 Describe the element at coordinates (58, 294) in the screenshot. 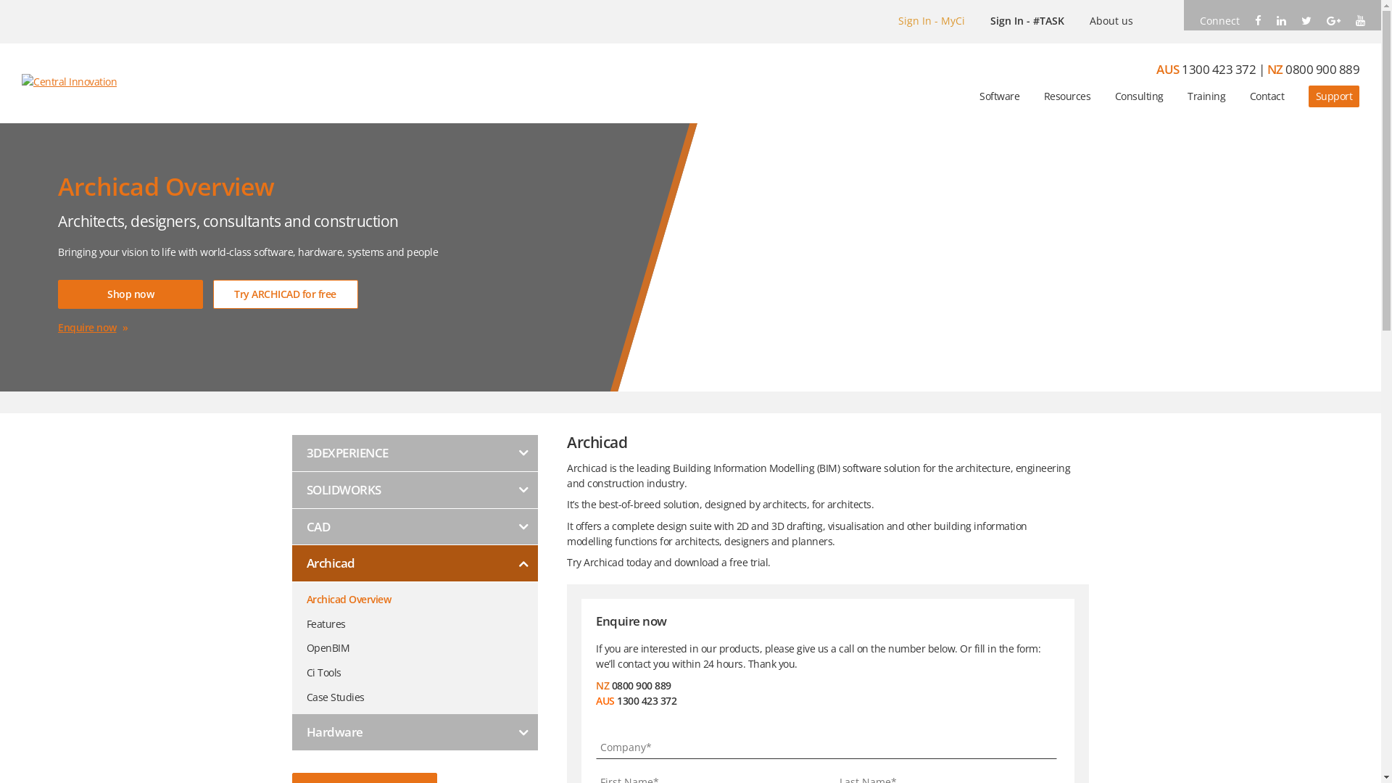

I see `'Shop now'` at that location.